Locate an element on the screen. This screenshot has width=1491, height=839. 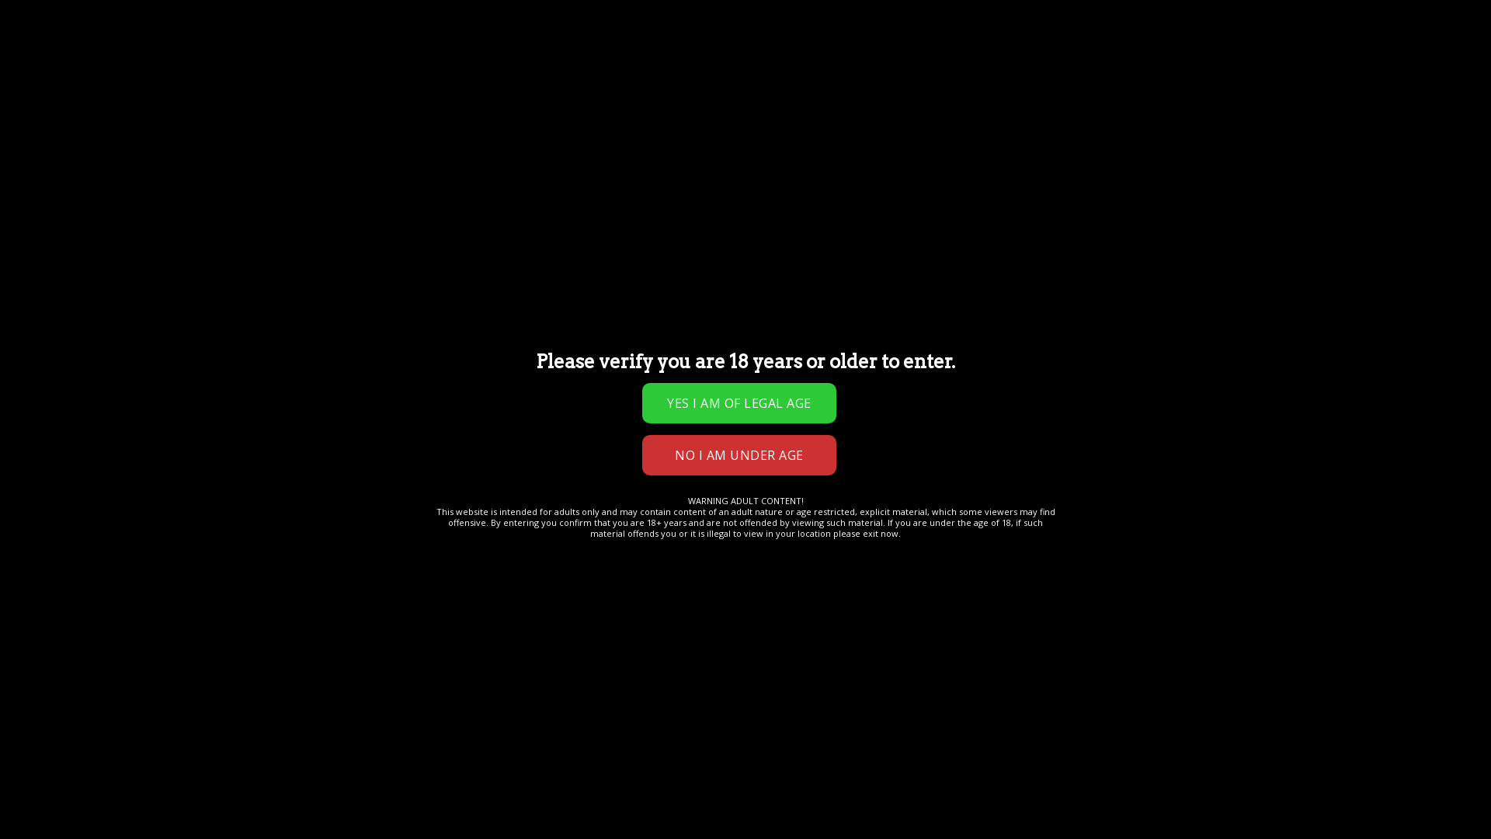
'420 PMUK - THE UK'S CLOSED LOOP SPECIALISTS' is located at coordinates (46, 35).